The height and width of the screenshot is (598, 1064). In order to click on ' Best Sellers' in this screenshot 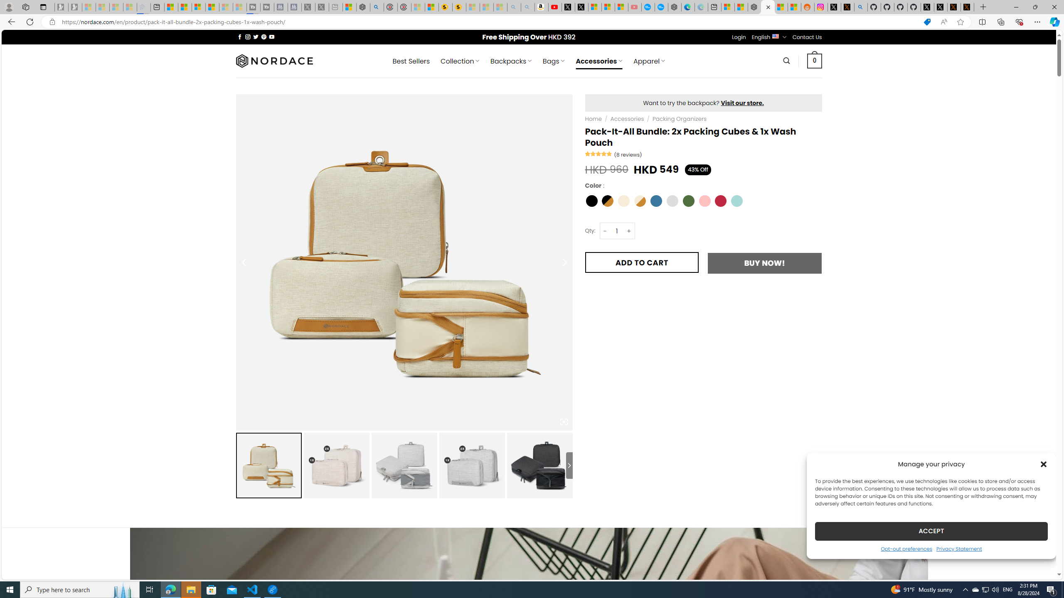, I will do `click(411, 61)`.